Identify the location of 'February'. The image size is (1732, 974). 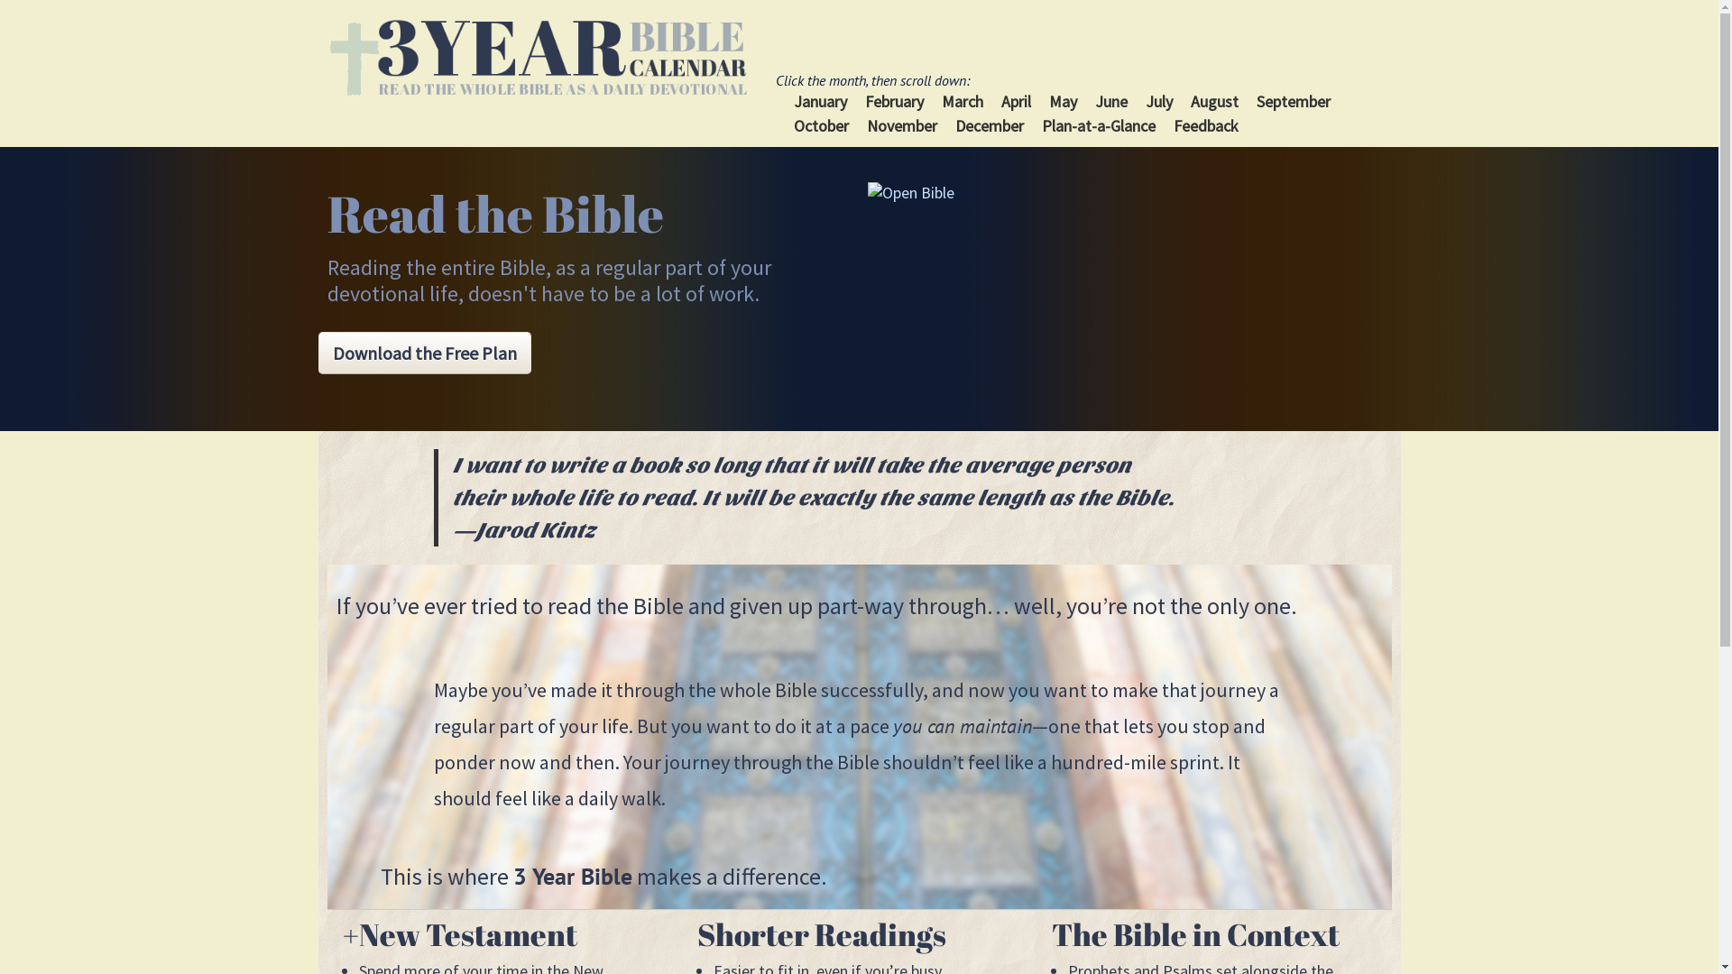
(864, 101).